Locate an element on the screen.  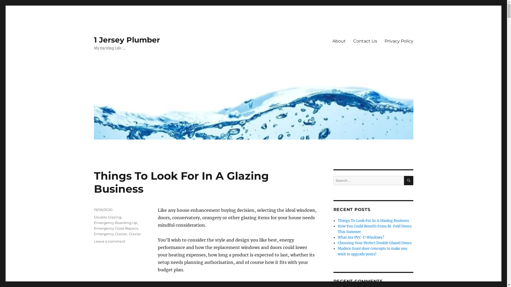
'Emergency Glass Repairs' is located at coordinates (115, 228).